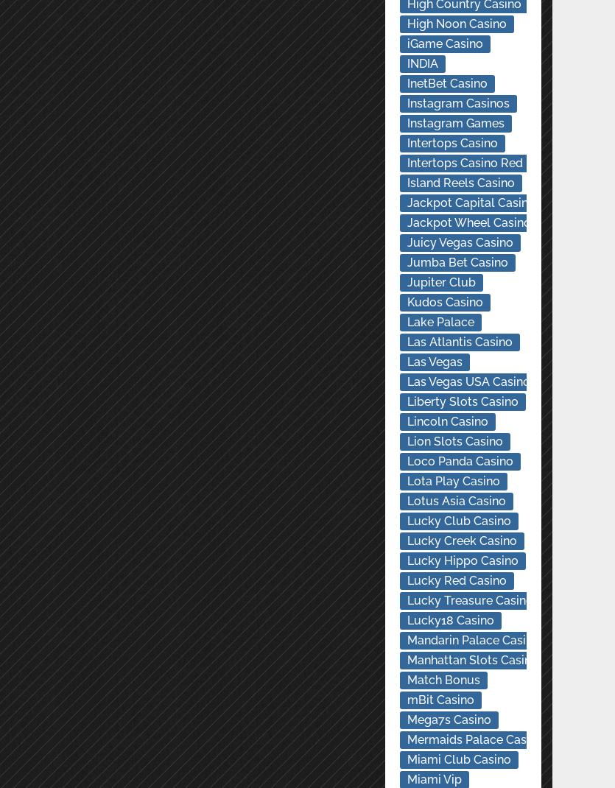 The height and width of the screenshot is (788, 615). I want to click on 'Loco Panda Casino', so click(458, 461).